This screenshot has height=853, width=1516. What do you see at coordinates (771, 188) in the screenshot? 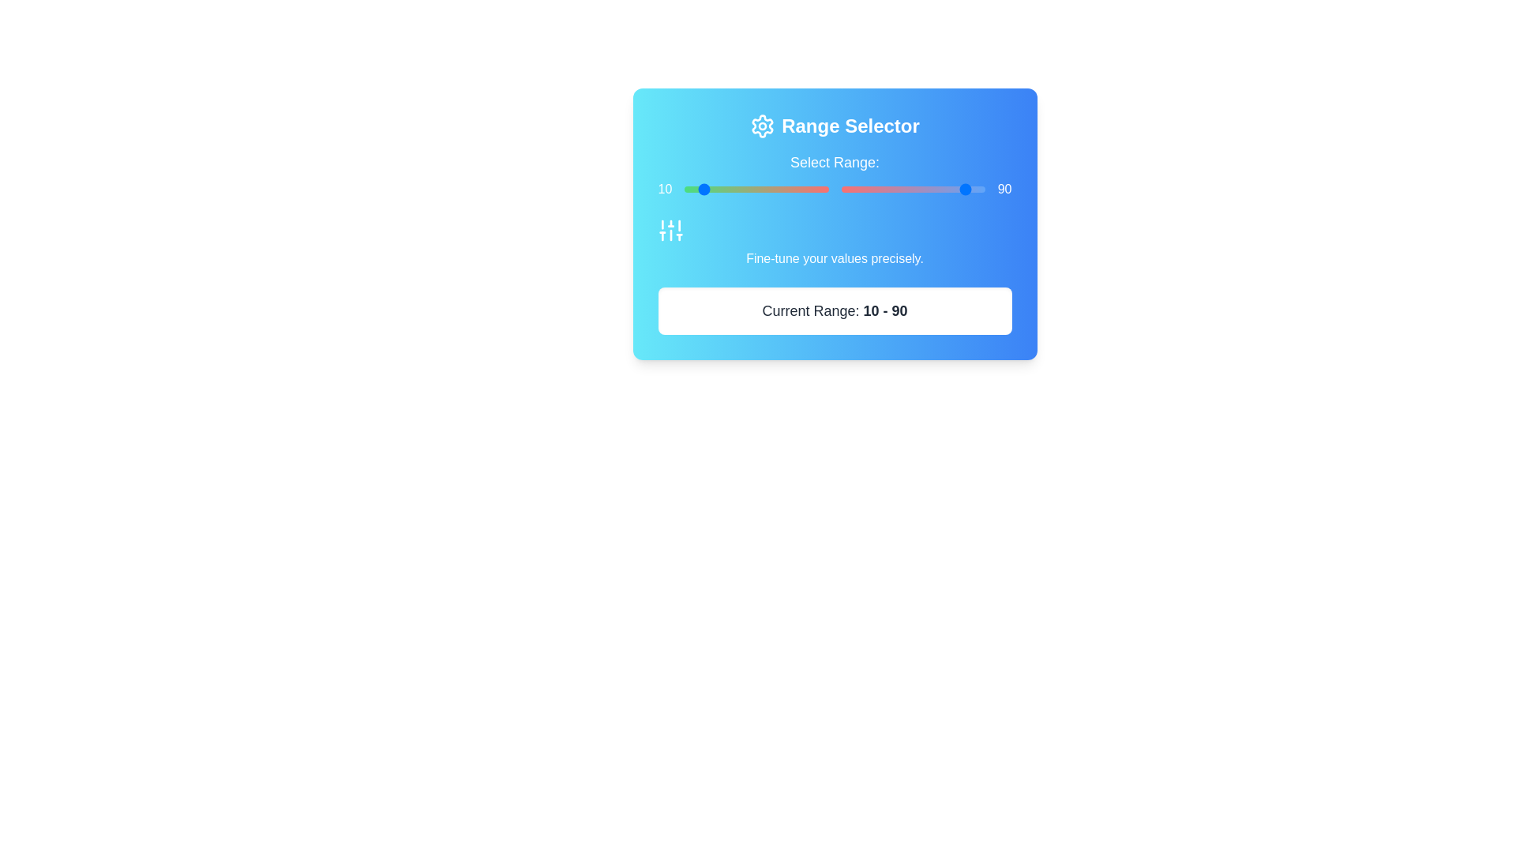
I see `the left range slider to set the starting value to 60` at bounding box center [771, 188].